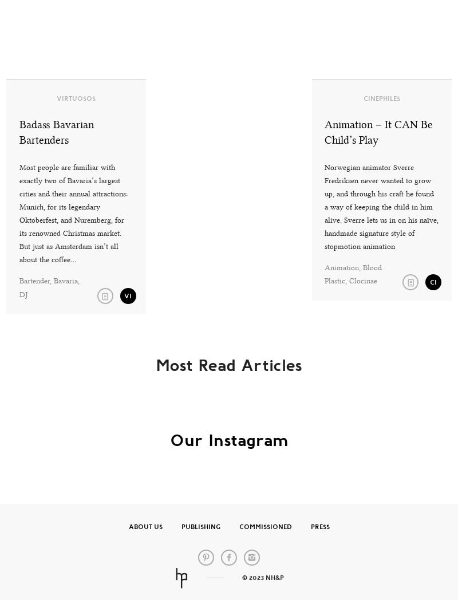 The image size is (458, 600). Describe the element at coordinates (319, 527) in the screenshot. I see `'Press'` at that location.